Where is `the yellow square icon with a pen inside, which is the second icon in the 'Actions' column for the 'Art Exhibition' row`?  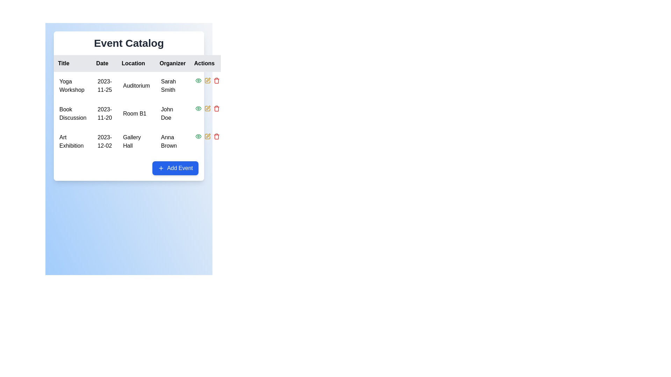 the yellow square icon with a pen inside, which is the second icon in the 'Actions' column for the 'Art Exhibition' row is located at coordinates (207, 136).